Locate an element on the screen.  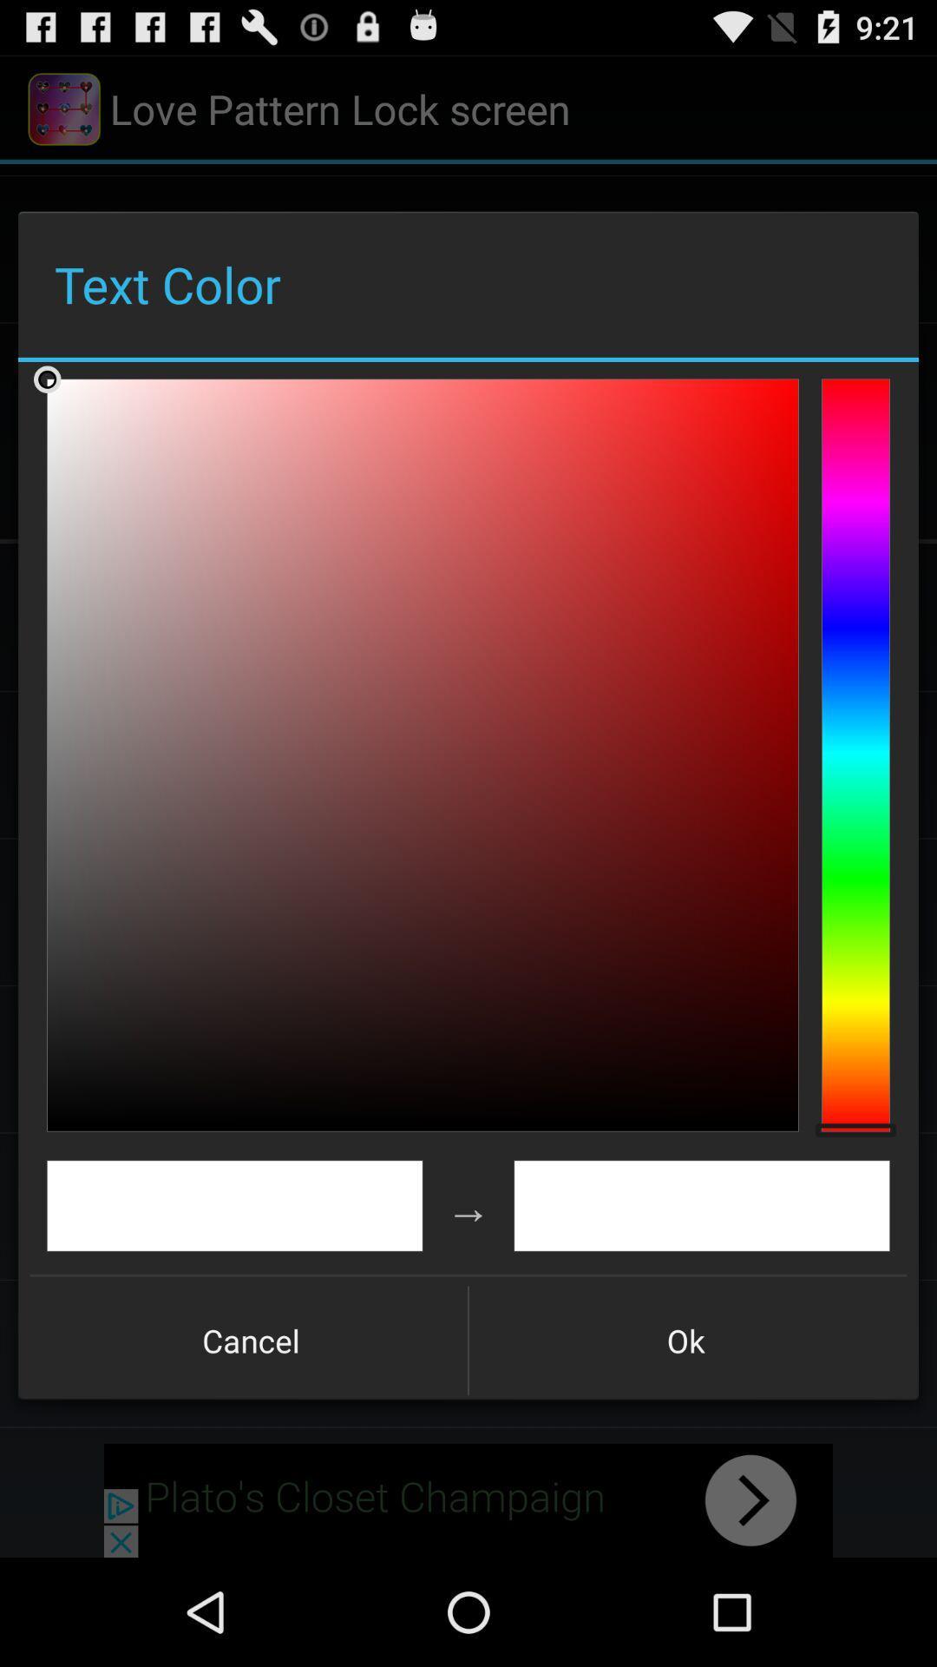
button next to ok icon is located at coordinates (251, 1340).